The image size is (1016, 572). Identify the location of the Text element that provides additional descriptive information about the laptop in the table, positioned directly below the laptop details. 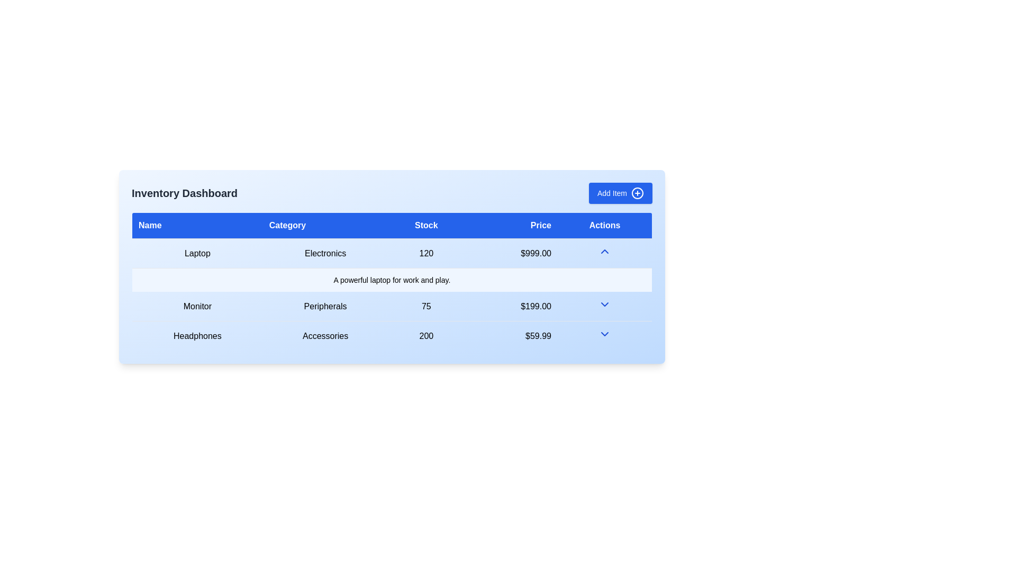
(391, 279).